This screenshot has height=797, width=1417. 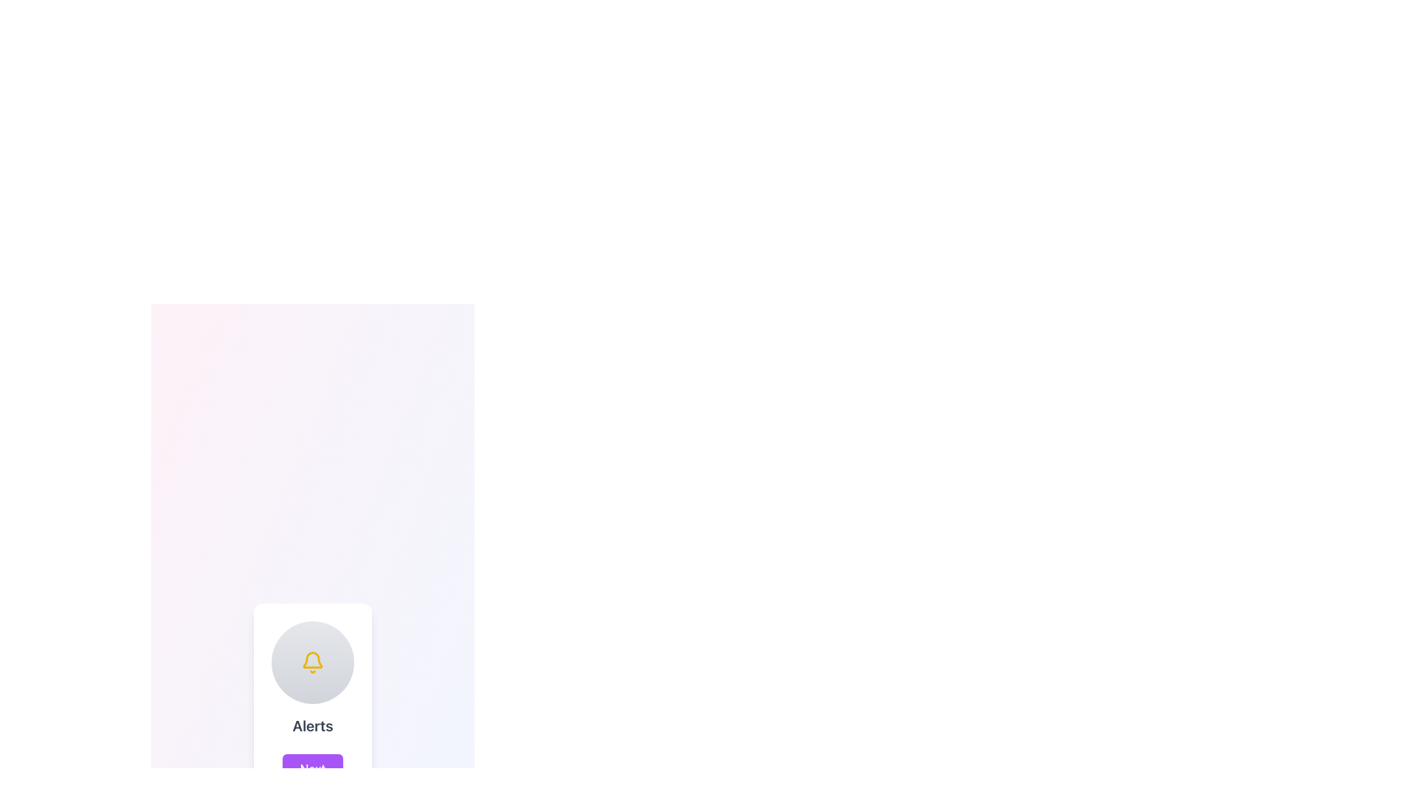 What do you see at coordinates (311, 662) in the screenshot?
I see `the bell icon that serves as a visual indicator of notifications or alerts, which is centrally positioned within a white rectangular card labeled 'Alerts'` at bounding box center [311, 662].